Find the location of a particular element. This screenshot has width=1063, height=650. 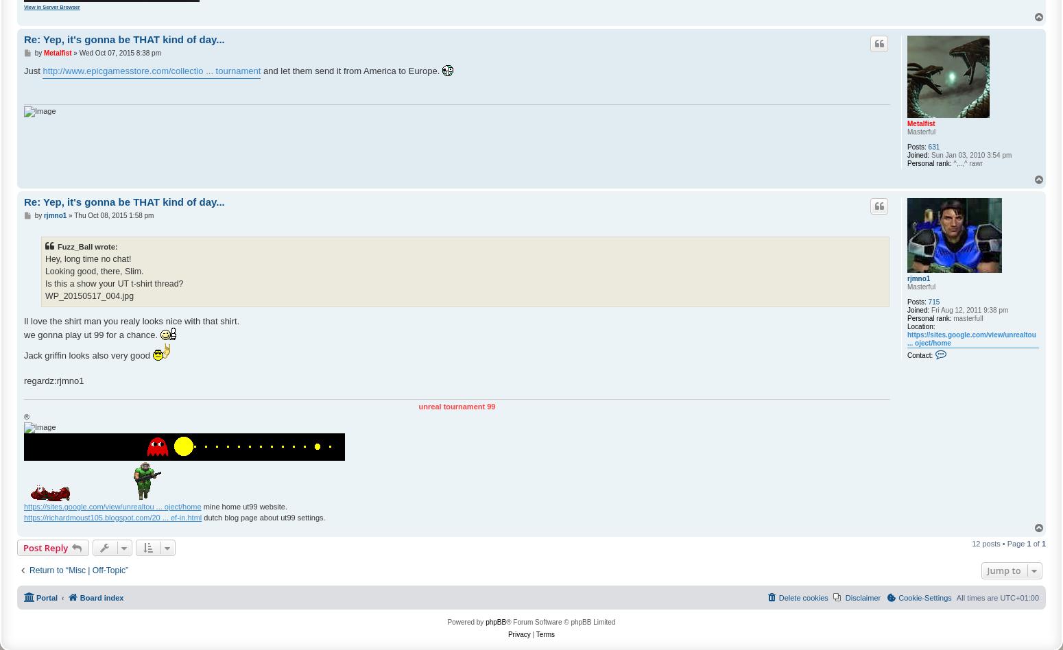

'® Forum Software © phpBB Limited' is located at coordinates (560, 621).